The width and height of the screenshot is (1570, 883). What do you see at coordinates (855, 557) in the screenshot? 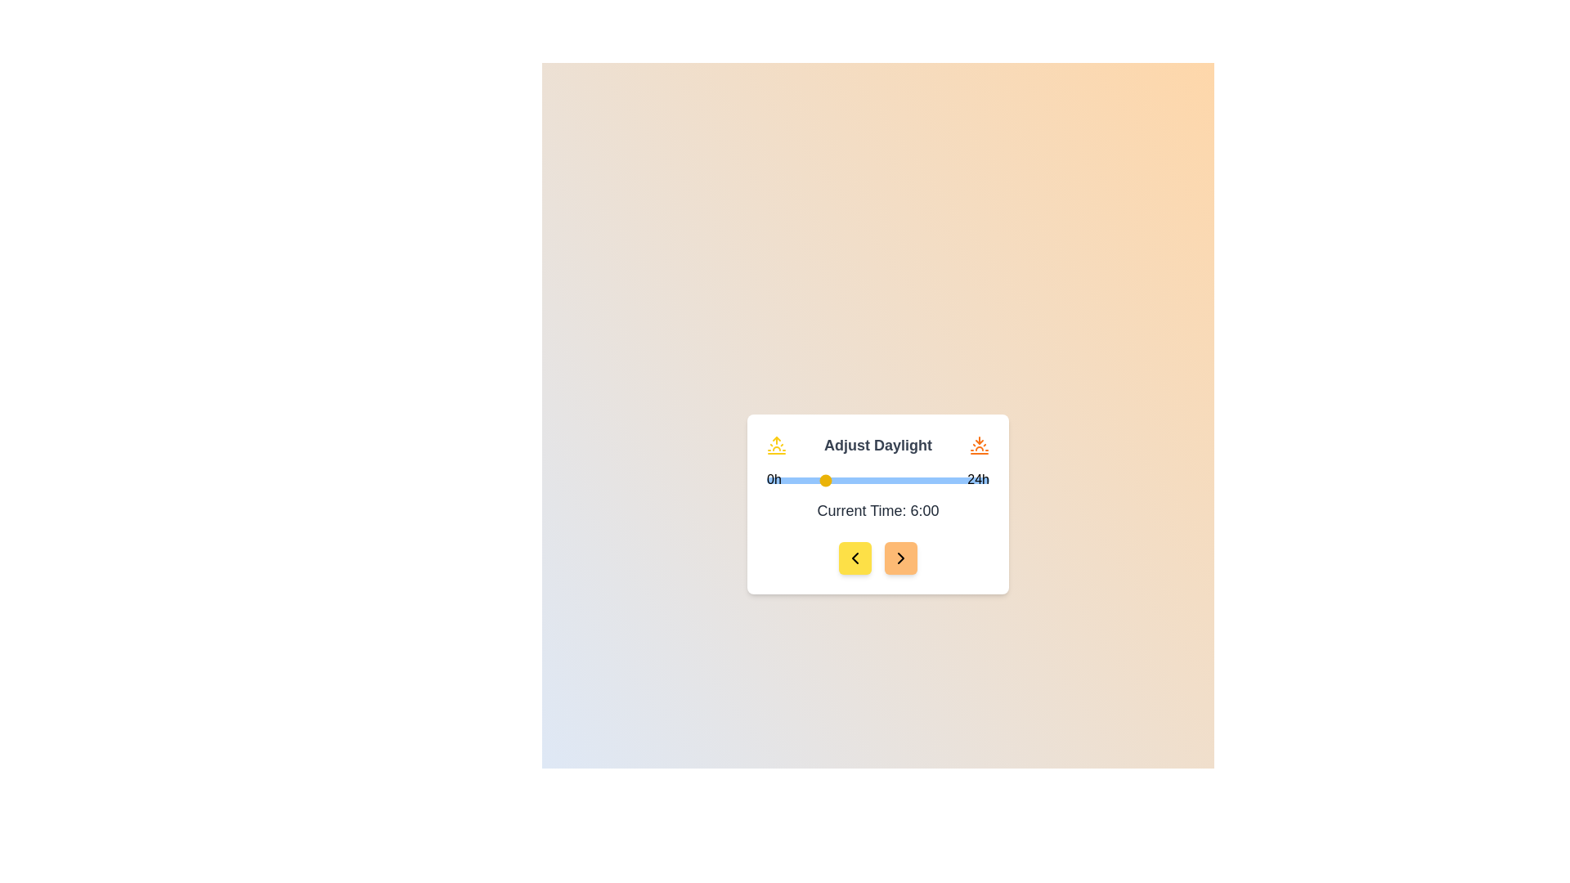
I see `the left button to decrement the time` at bounding box center [855, 557].